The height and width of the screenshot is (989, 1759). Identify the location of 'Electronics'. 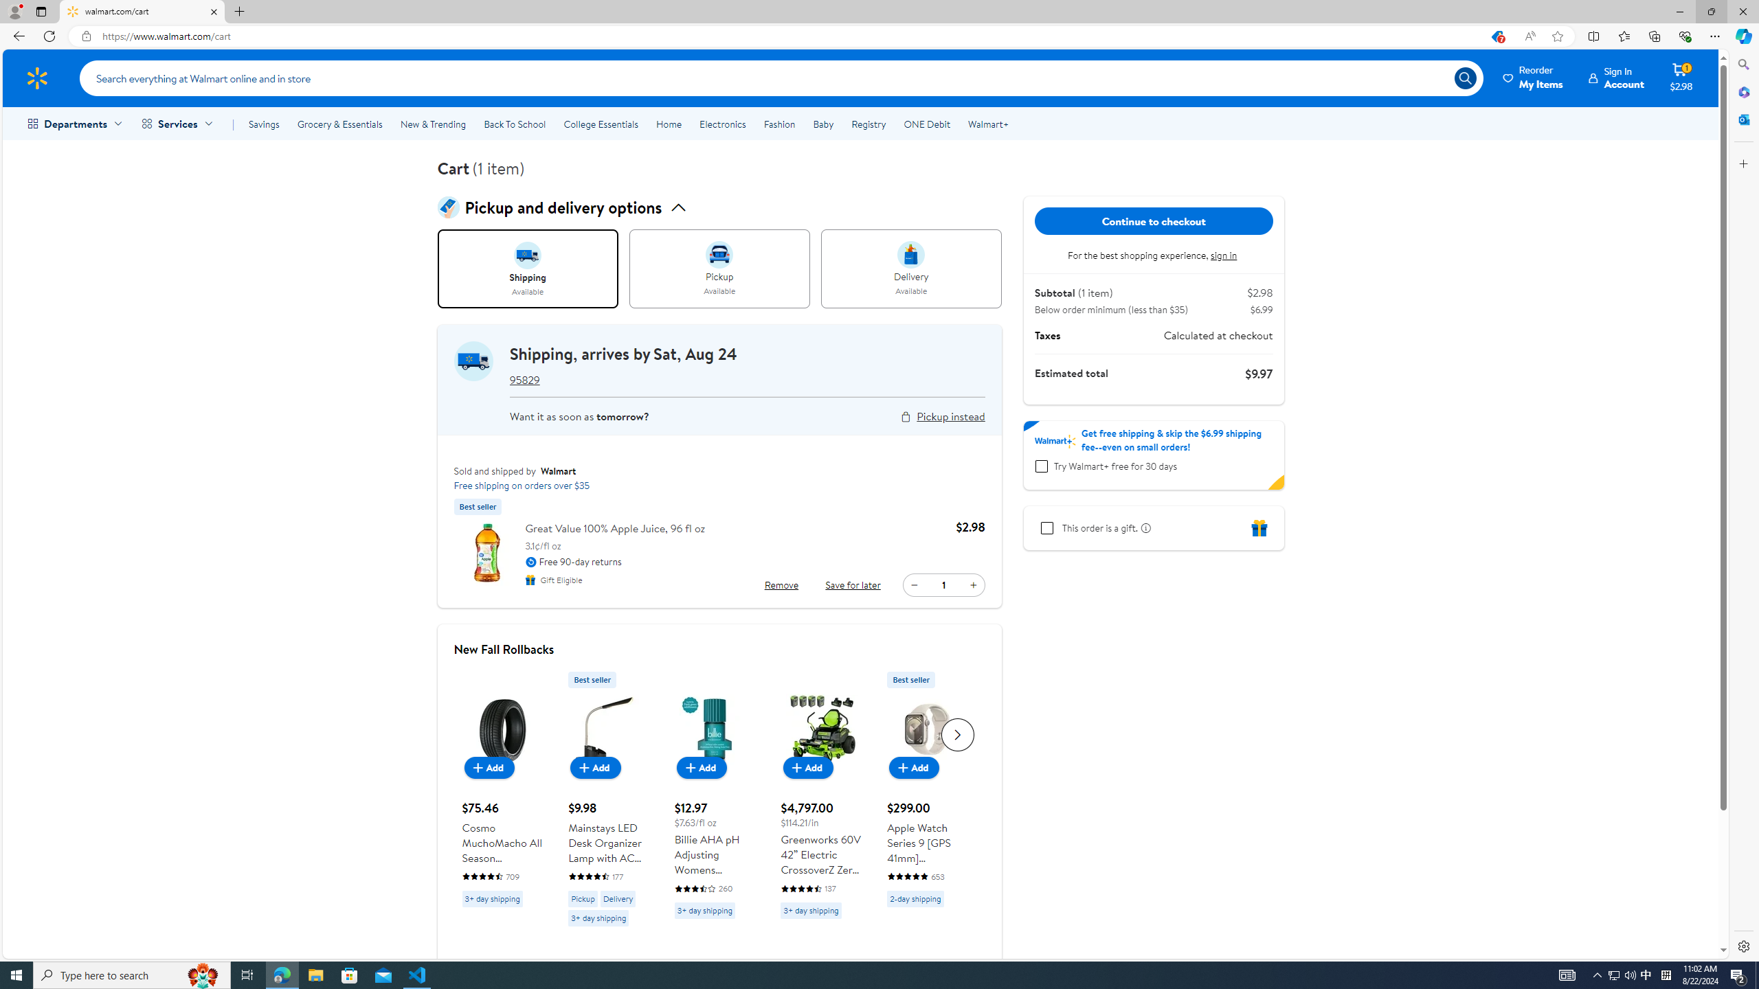
(722, 124).